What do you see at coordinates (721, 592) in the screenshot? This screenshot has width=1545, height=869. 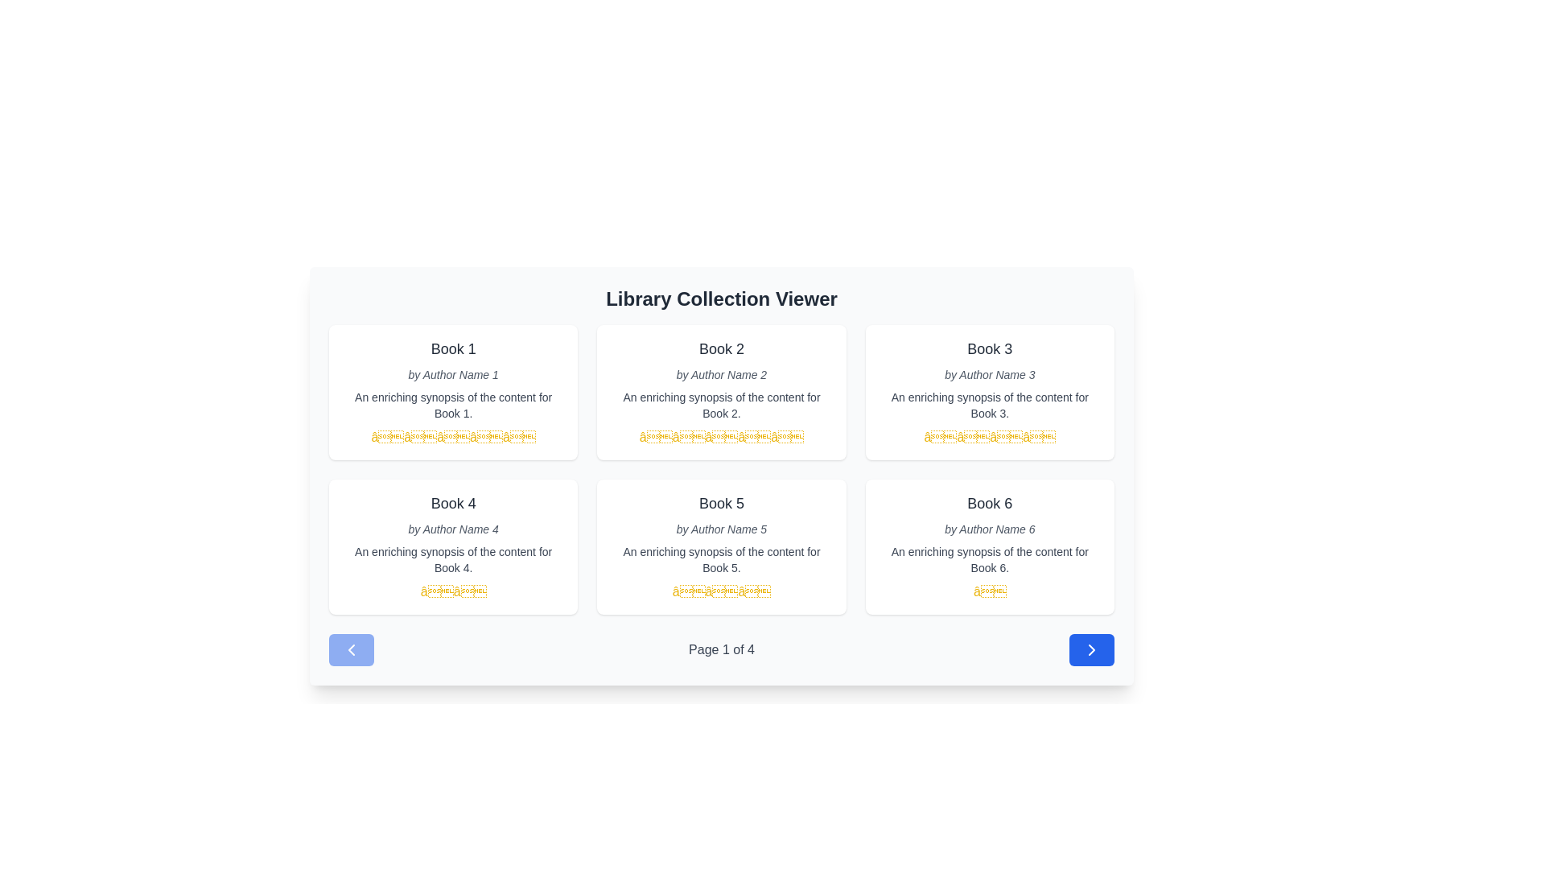 I see `the rating component consisting of three yellow star icons located below the synopsis text for 'Book 5' in the second row and second column of the grid layout` at bounding box center [721, 592].